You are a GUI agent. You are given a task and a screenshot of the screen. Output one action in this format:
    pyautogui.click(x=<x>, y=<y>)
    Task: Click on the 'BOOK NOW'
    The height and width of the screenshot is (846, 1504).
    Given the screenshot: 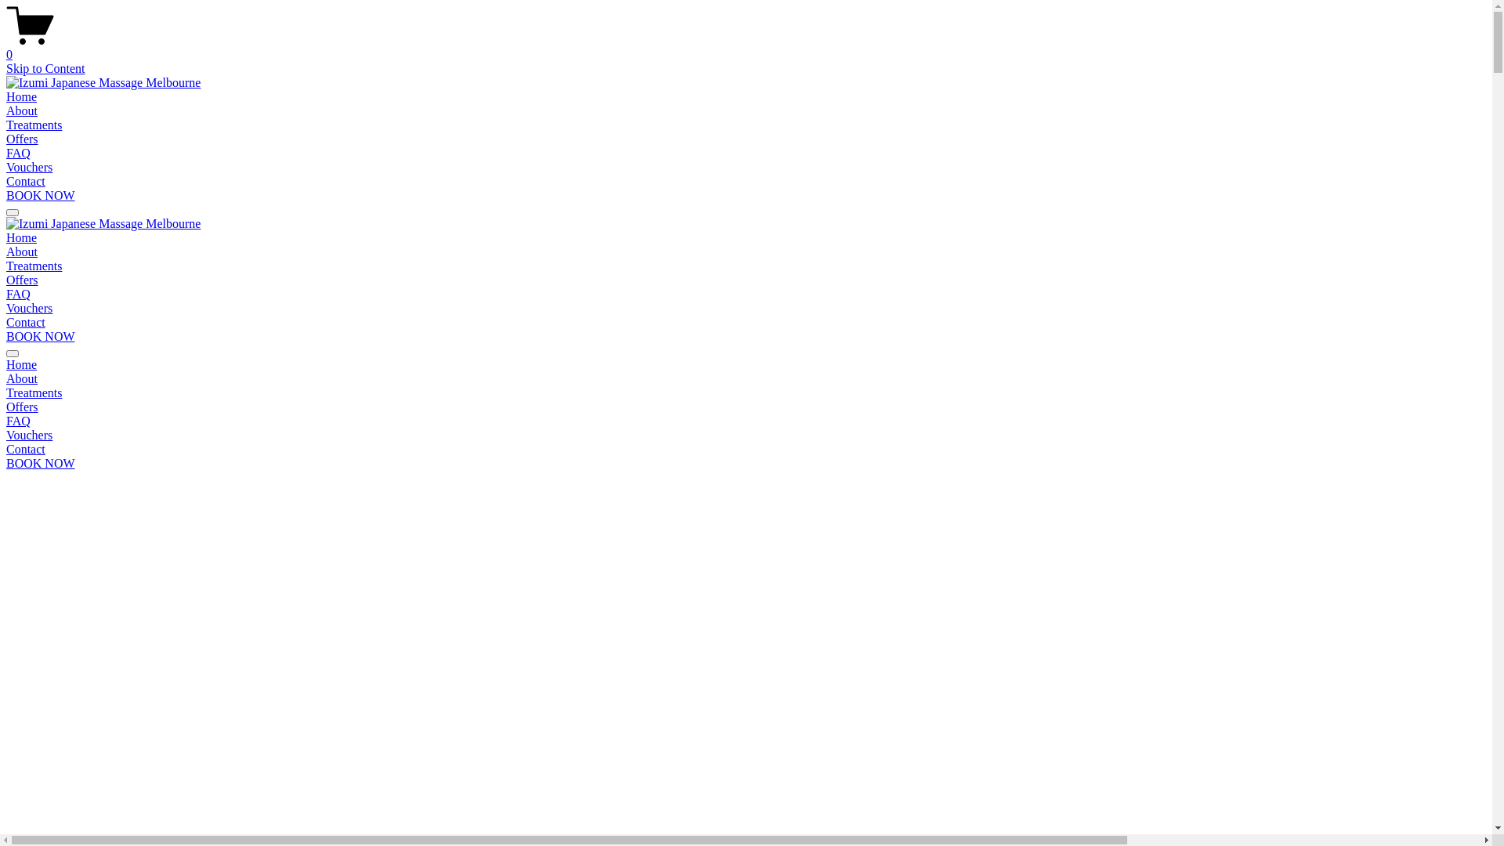 What is the action you would take?
    pyautogui.click(x=41, y=194)
    